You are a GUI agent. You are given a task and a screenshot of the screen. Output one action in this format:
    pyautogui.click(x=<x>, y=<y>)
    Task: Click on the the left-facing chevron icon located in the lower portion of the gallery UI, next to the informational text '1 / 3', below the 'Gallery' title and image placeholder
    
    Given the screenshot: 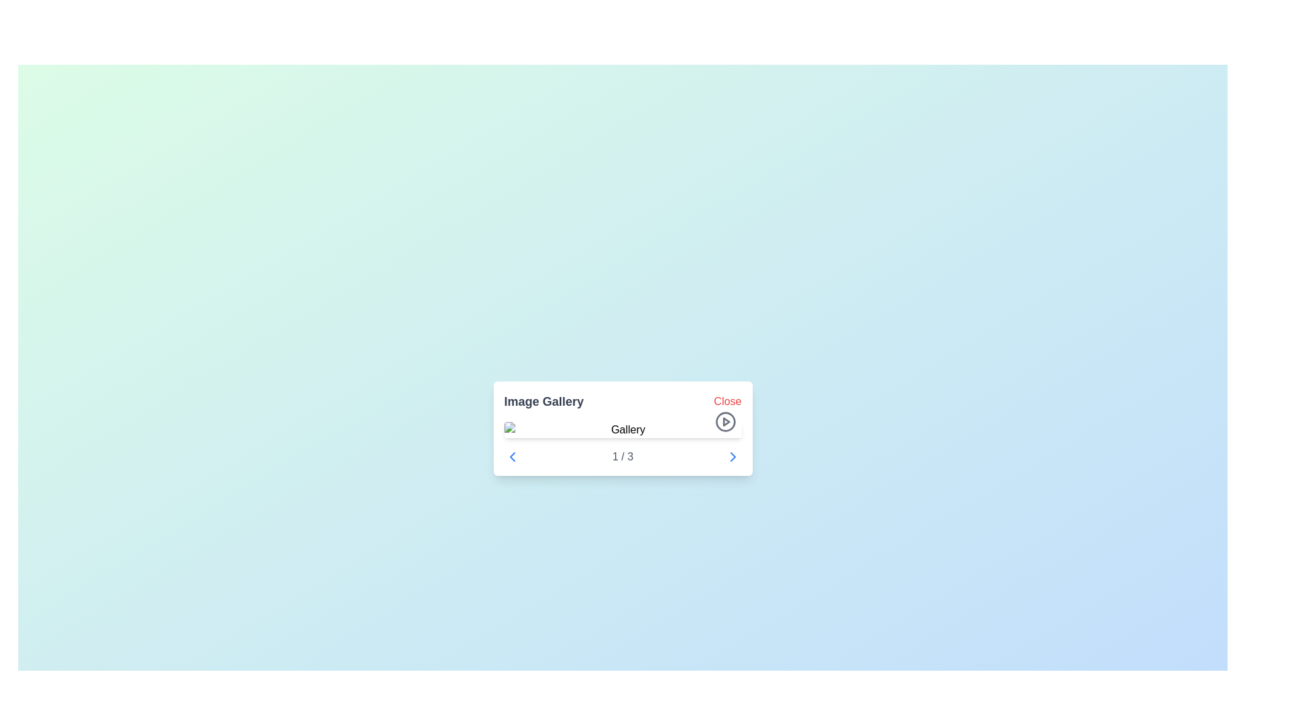 What is the action you would take?
    pyautogui.click(x=511, y=456)
    